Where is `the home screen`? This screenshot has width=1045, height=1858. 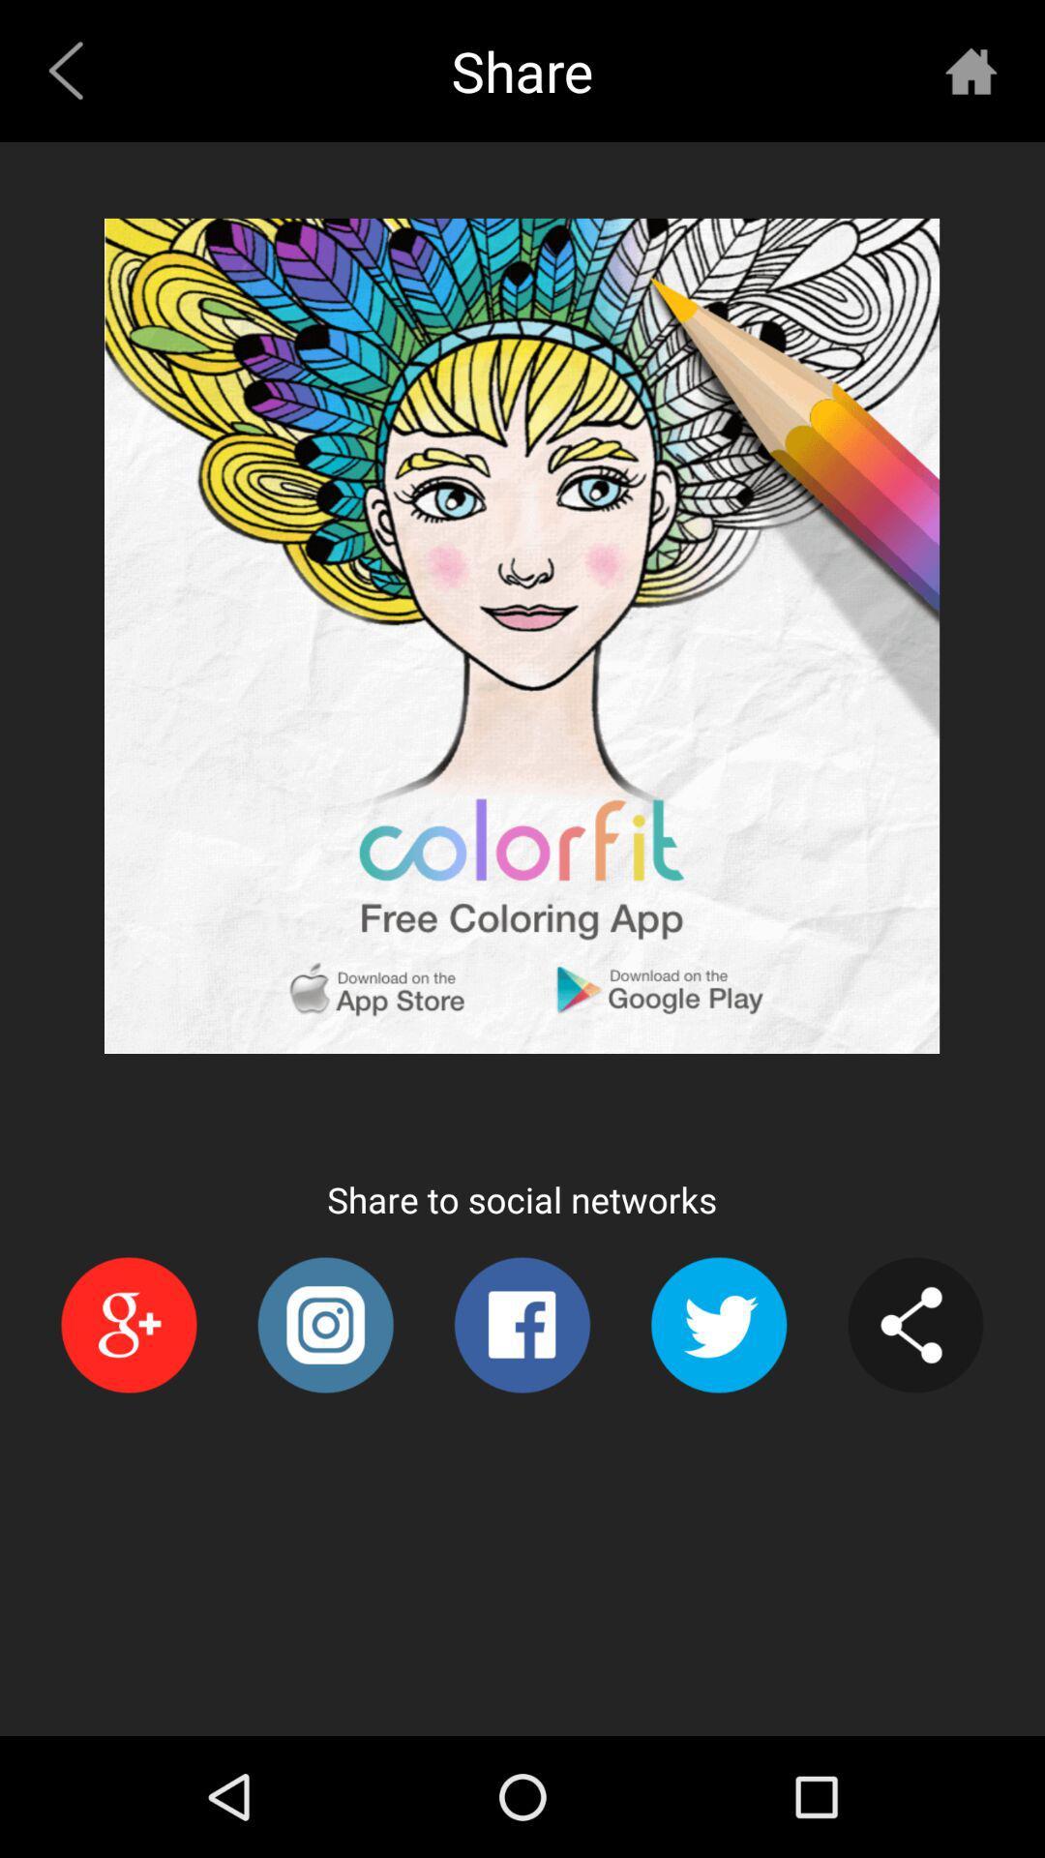 the home screen is located at coordinates (970, 71).